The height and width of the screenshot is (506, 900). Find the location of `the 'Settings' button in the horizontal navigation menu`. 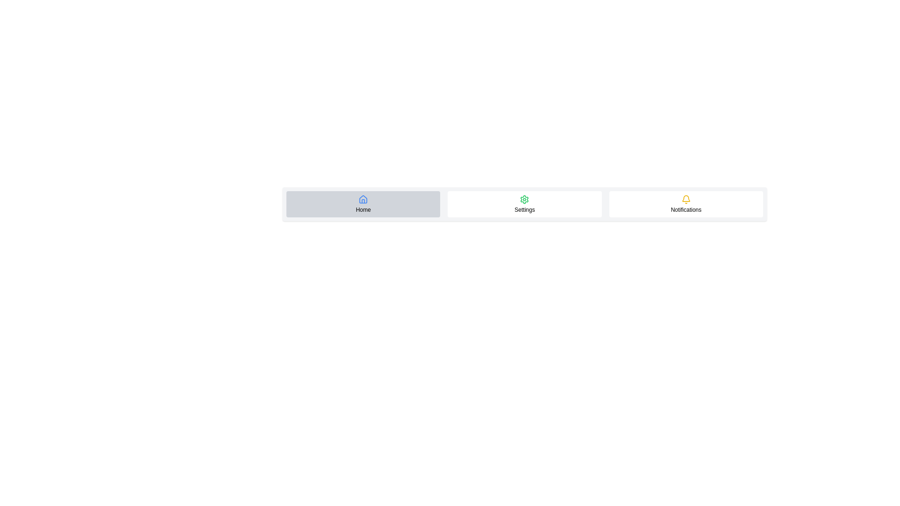

the 'Settings' button in the horizontal navigation menu is located at coordinates (524, 203).